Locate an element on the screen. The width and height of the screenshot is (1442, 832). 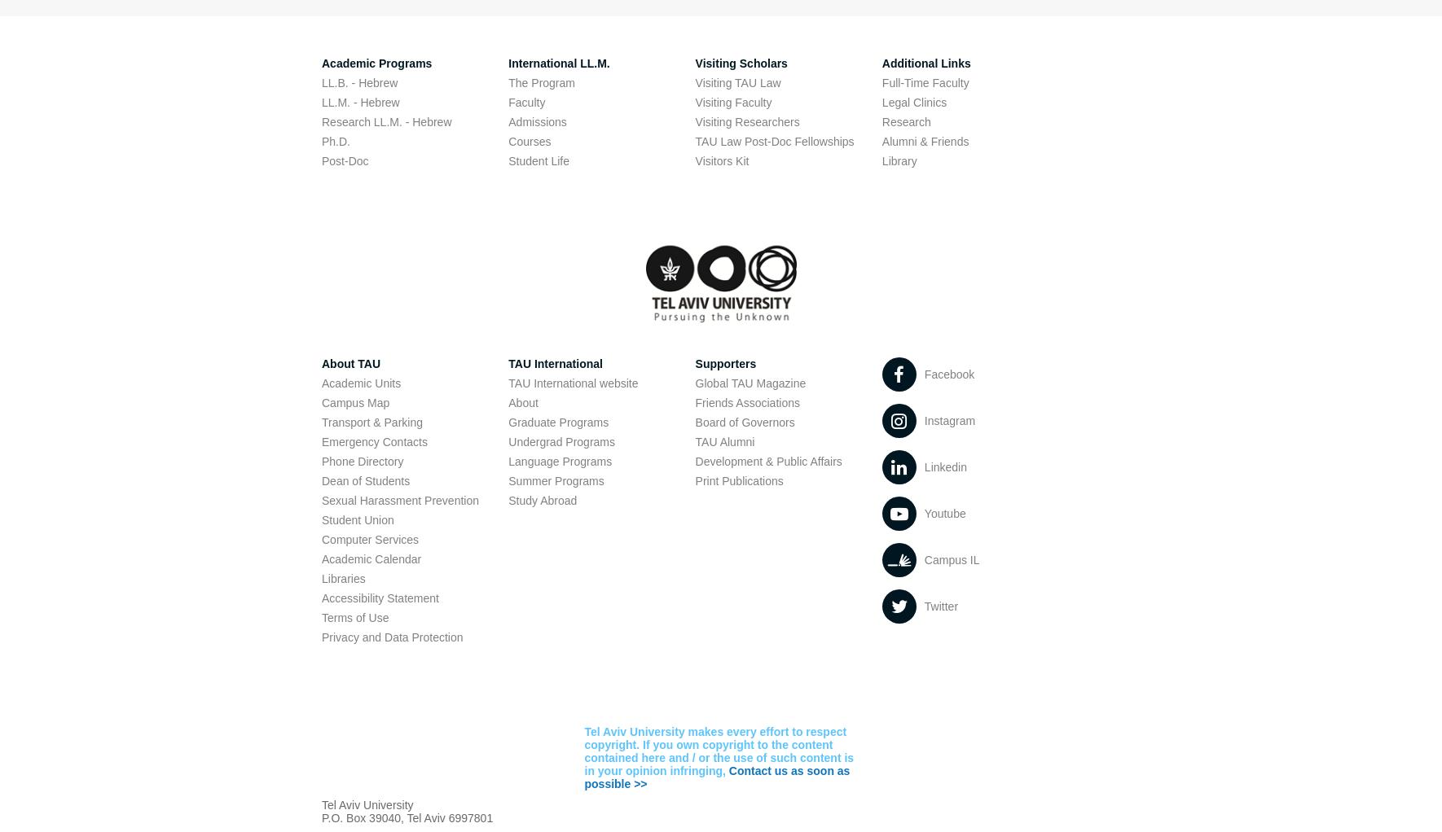
'TAU Alumni' is located at coordinates (723, 440).